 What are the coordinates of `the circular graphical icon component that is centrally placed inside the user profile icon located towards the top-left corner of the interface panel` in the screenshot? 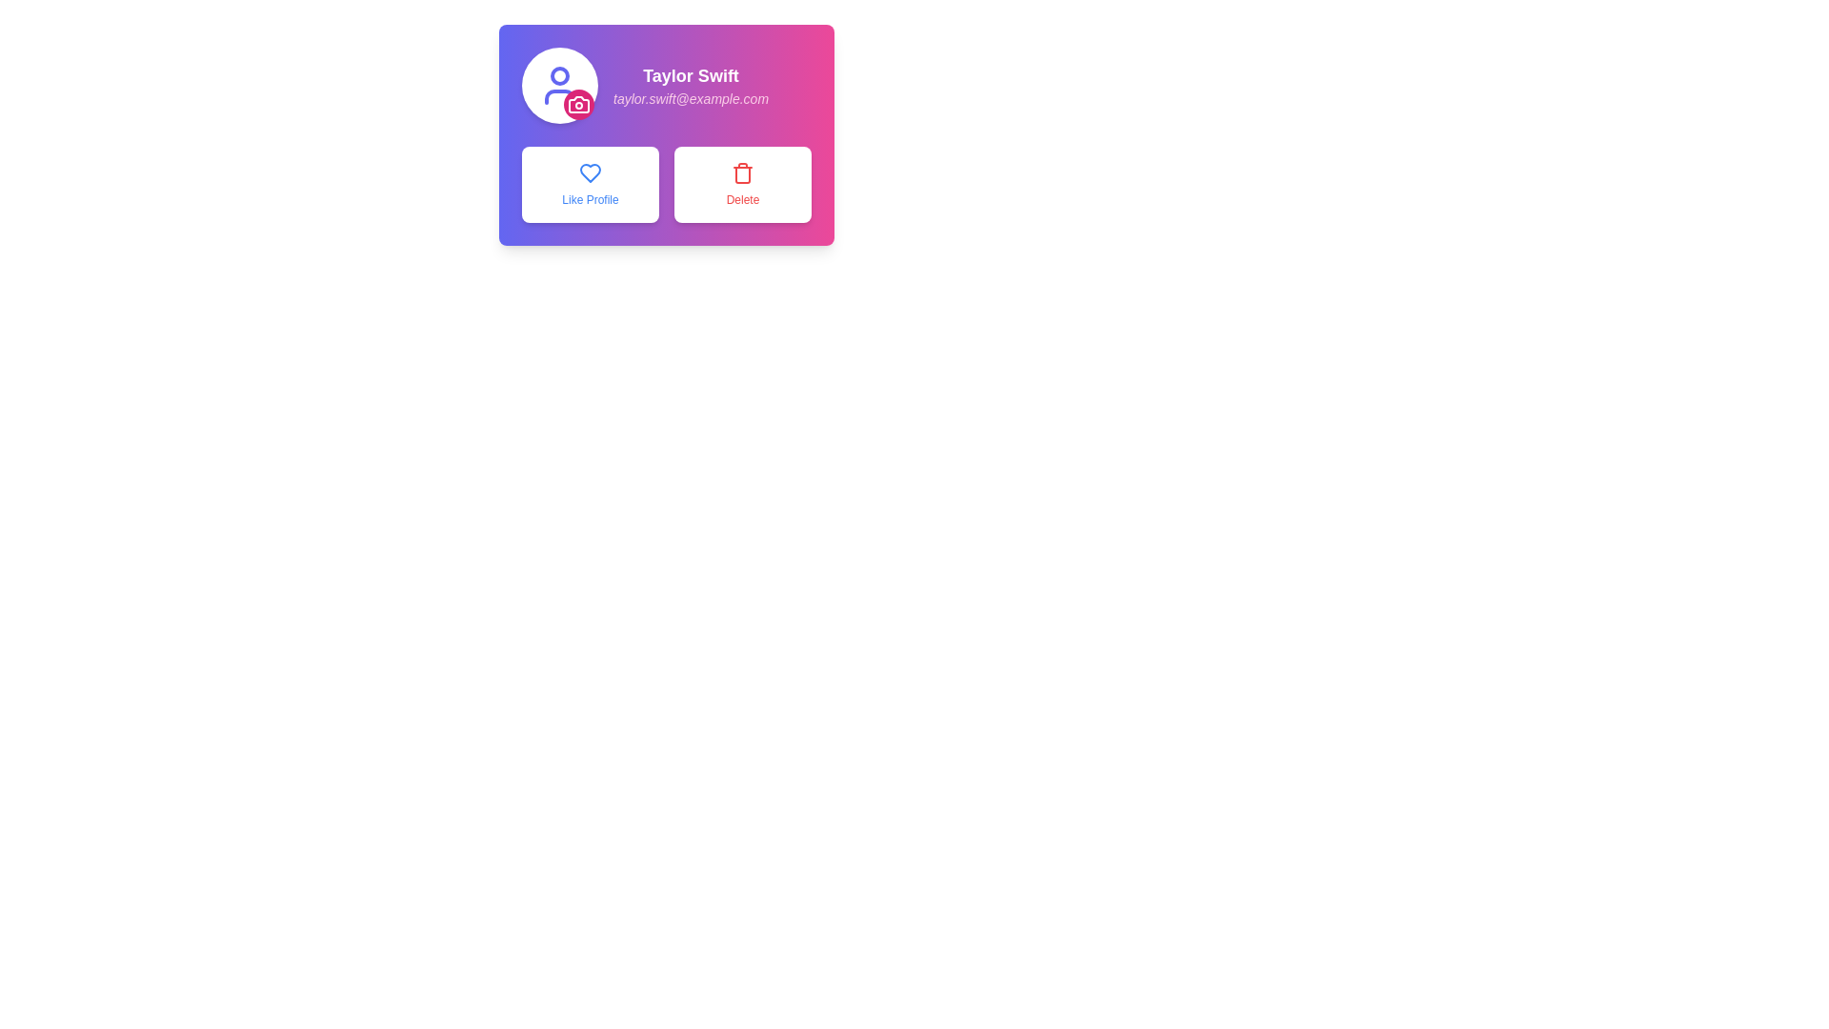 It's located at (559, 75).